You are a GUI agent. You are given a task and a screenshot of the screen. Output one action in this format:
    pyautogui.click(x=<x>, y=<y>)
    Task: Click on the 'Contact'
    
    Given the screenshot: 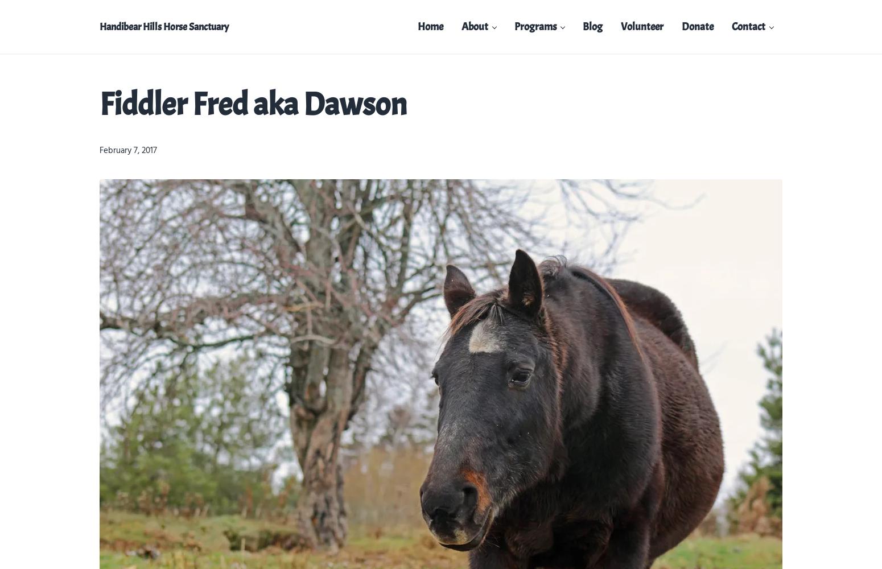 What is the action you would take?
    pyautogui.click(x=731, y=26)
    